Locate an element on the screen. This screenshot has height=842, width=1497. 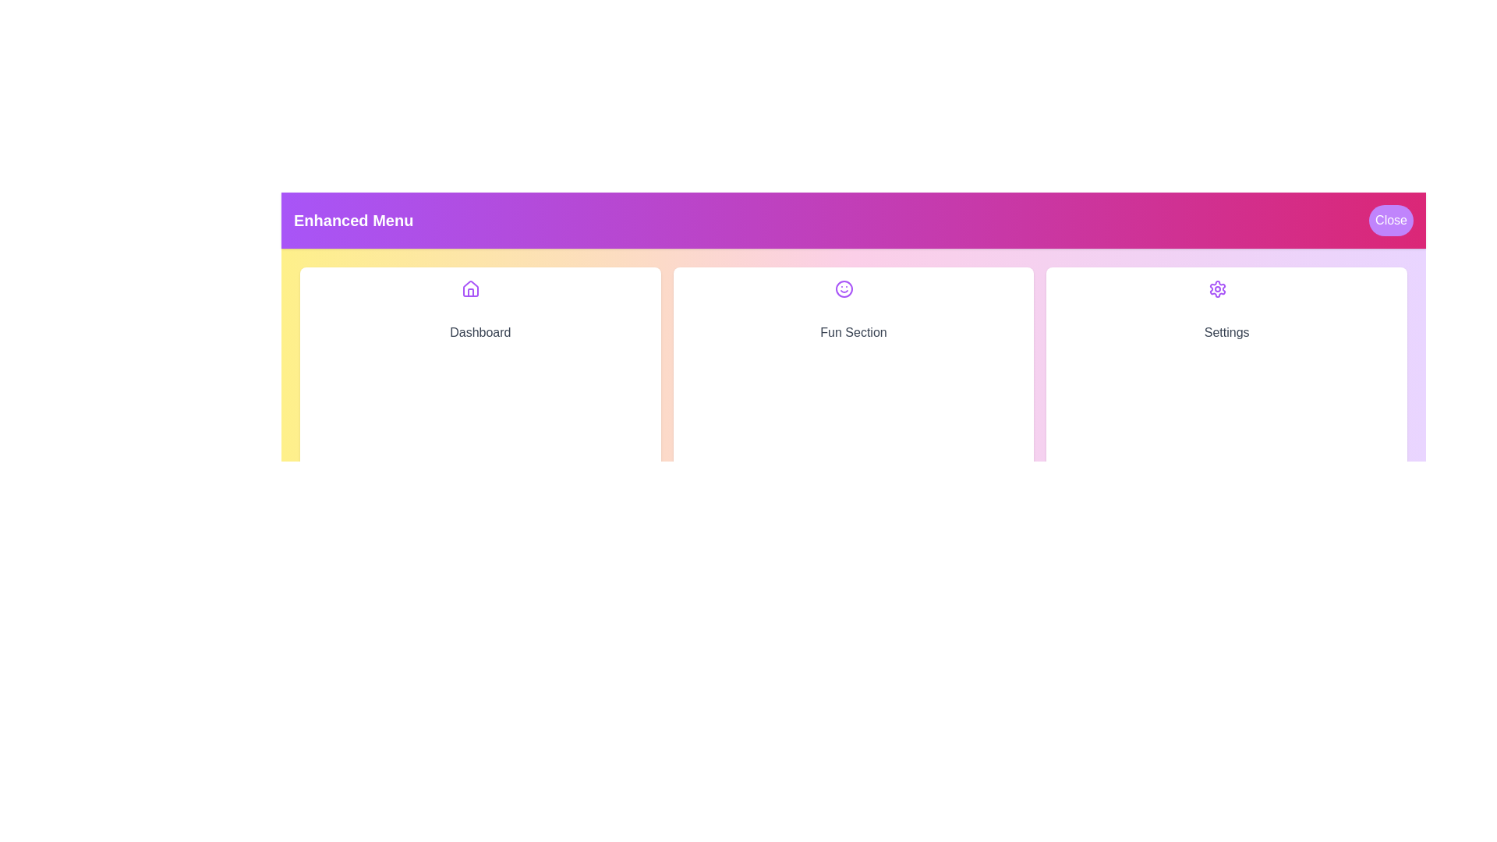
the icon corresponding to Fun Section is located at coordinates (852, 298).